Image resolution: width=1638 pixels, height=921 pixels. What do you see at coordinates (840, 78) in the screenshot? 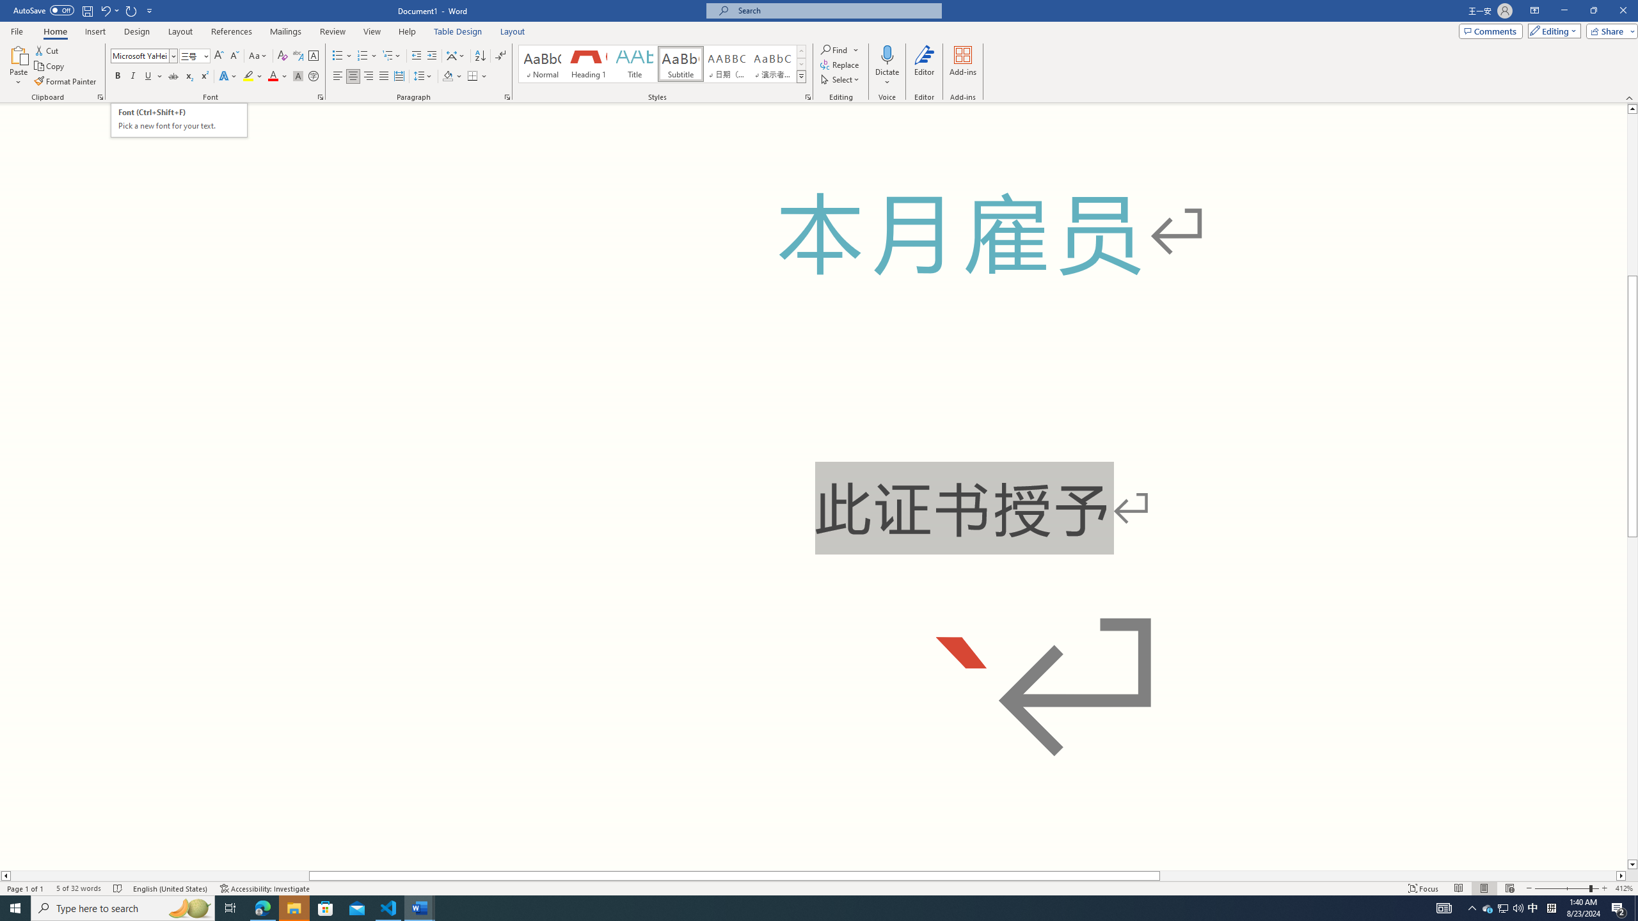
I see `'Select'` at bounding box center [840, 78].